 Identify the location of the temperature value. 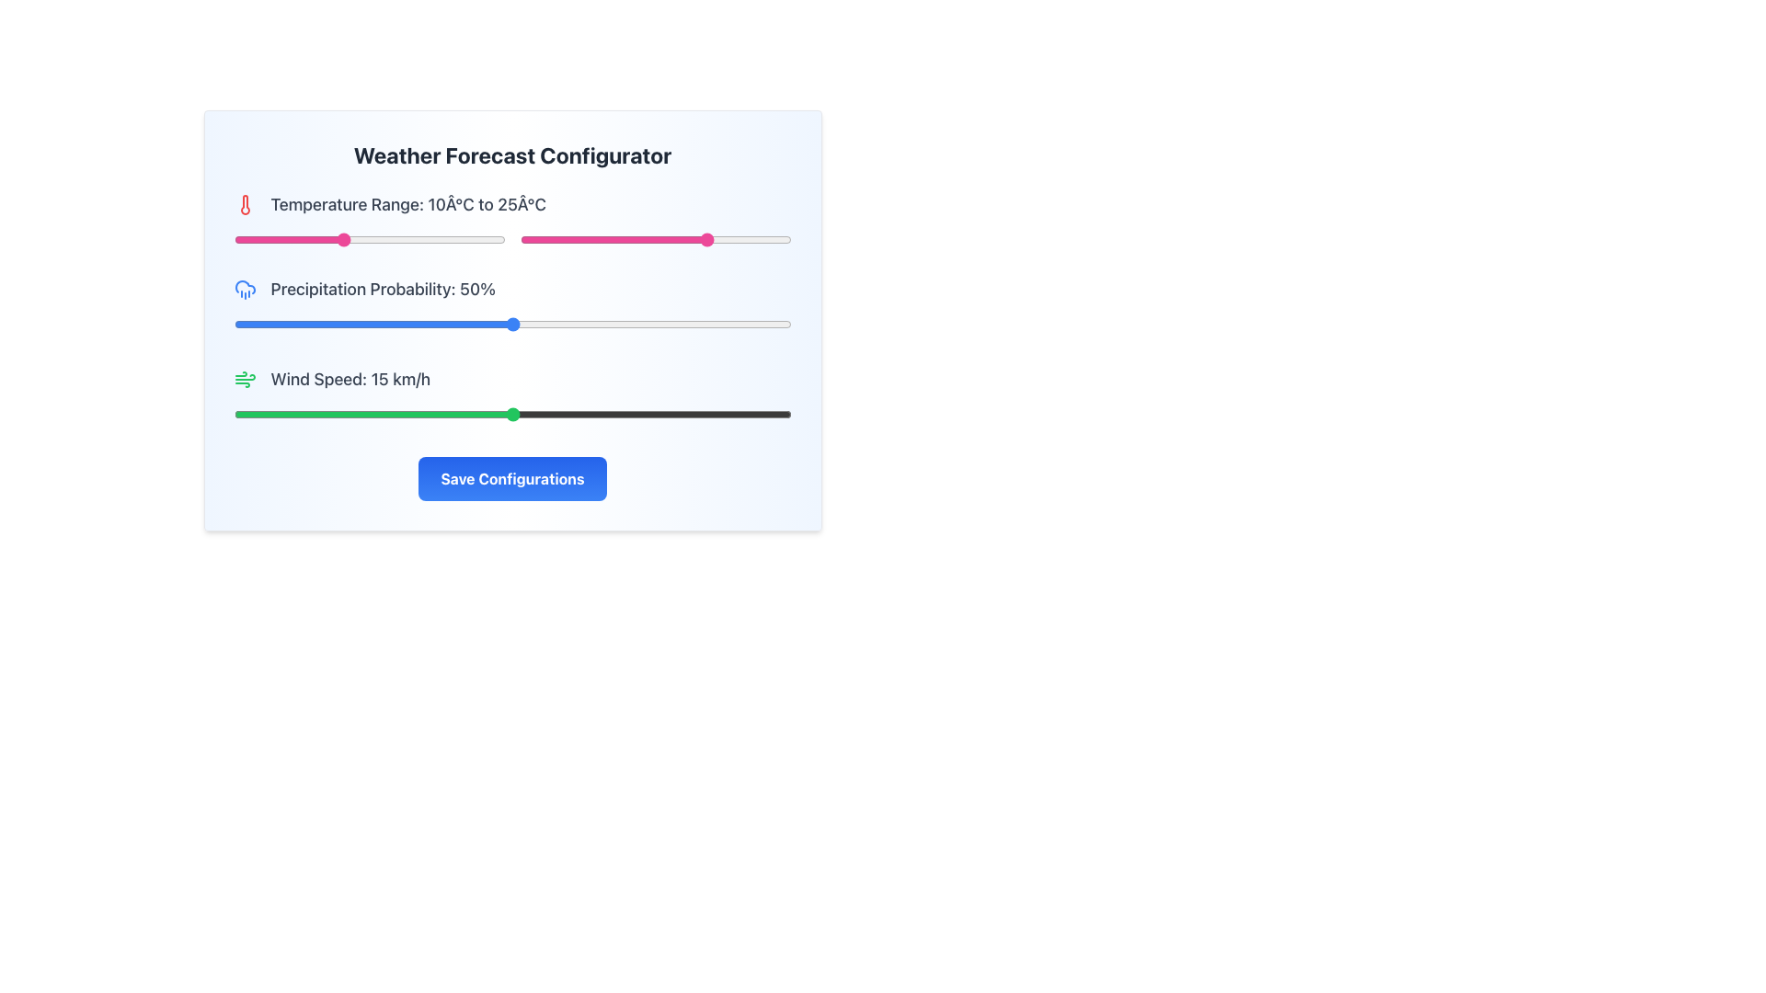
(687, 239).